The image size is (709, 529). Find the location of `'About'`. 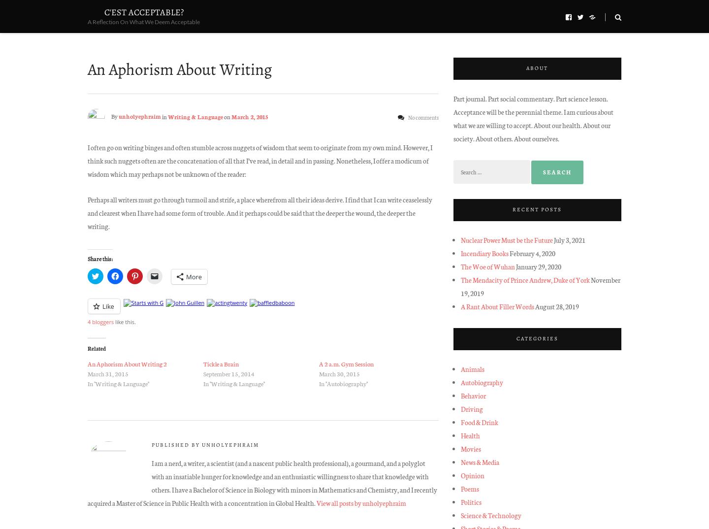

'About' is located at coordinates (526, 67).